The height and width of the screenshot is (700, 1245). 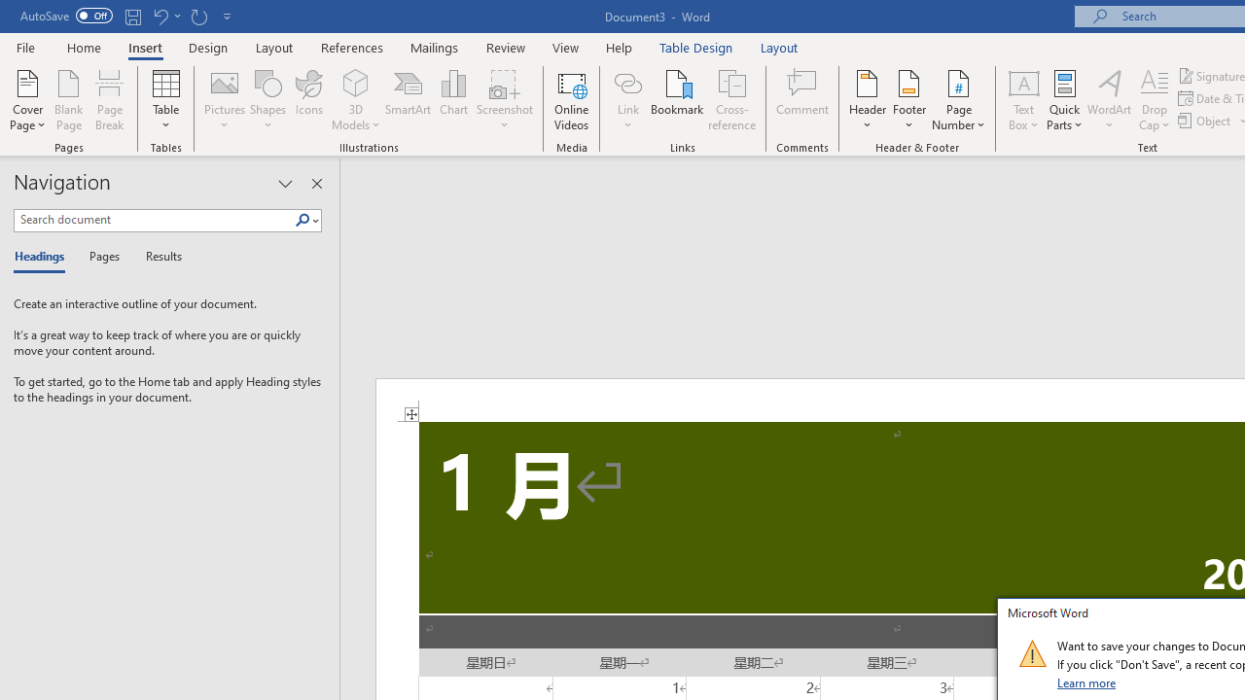 I want to click on 'Table', so click(x=165, y=100).